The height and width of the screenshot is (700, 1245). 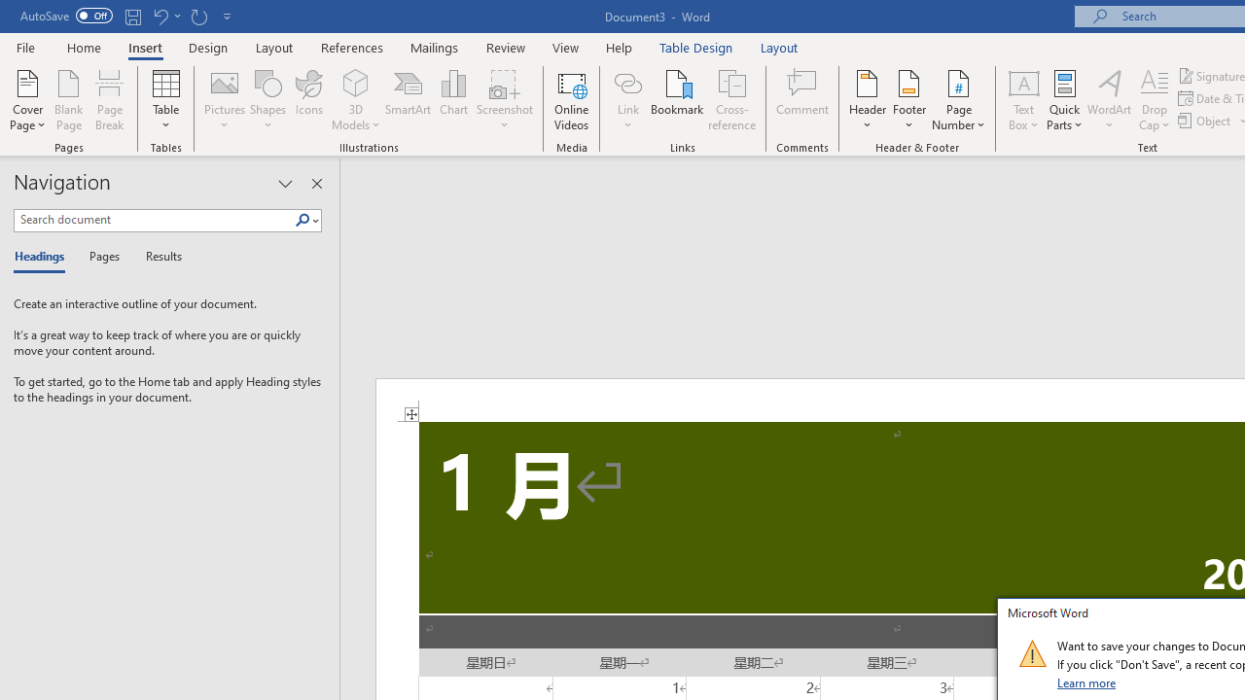 I want to click on 'Table', so click(x=165, y=100).